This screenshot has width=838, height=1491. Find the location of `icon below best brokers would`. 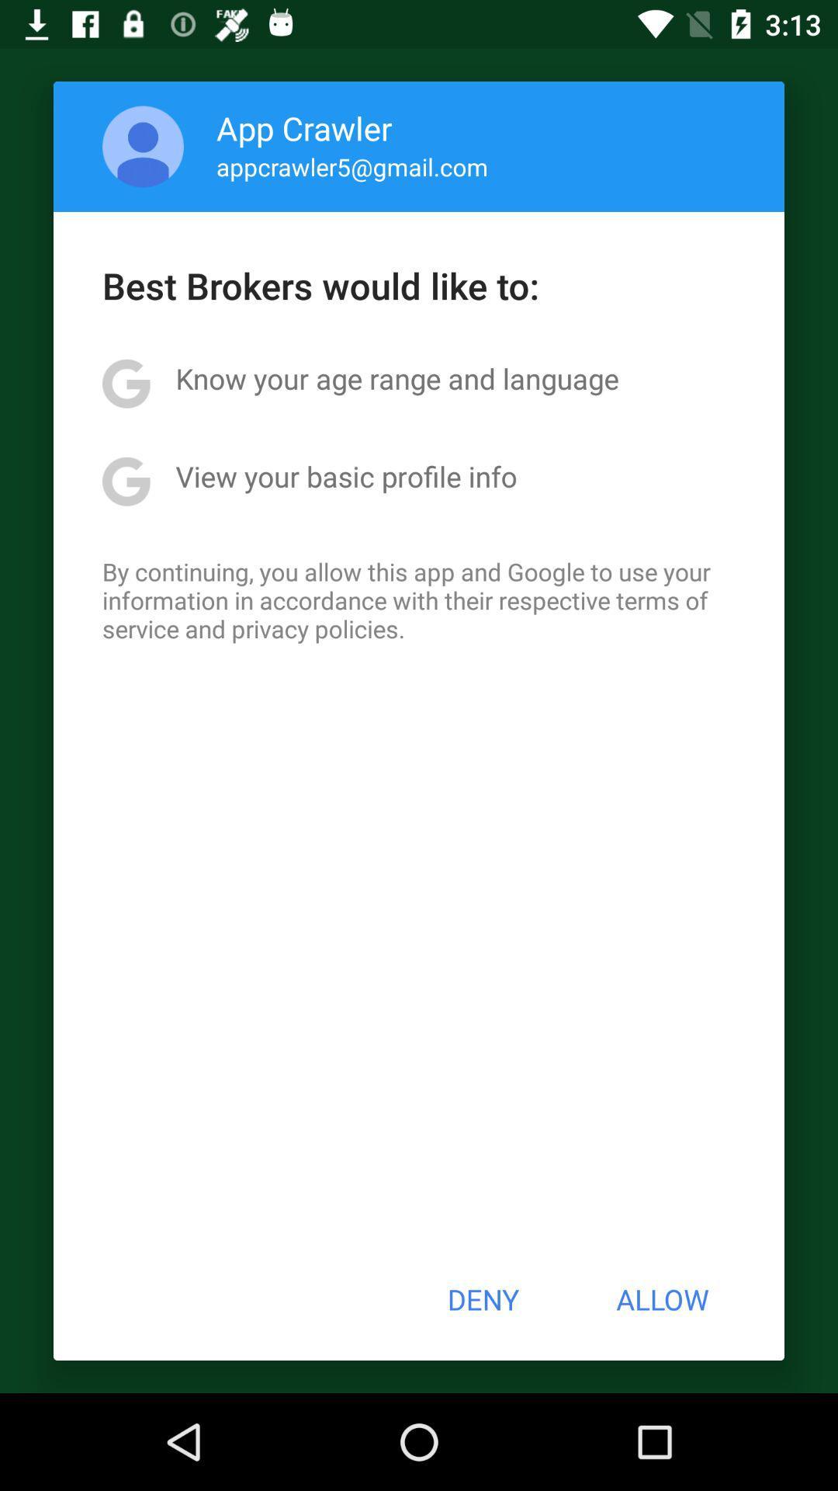

icon below best brokers would is located at coordinates (396, 378).